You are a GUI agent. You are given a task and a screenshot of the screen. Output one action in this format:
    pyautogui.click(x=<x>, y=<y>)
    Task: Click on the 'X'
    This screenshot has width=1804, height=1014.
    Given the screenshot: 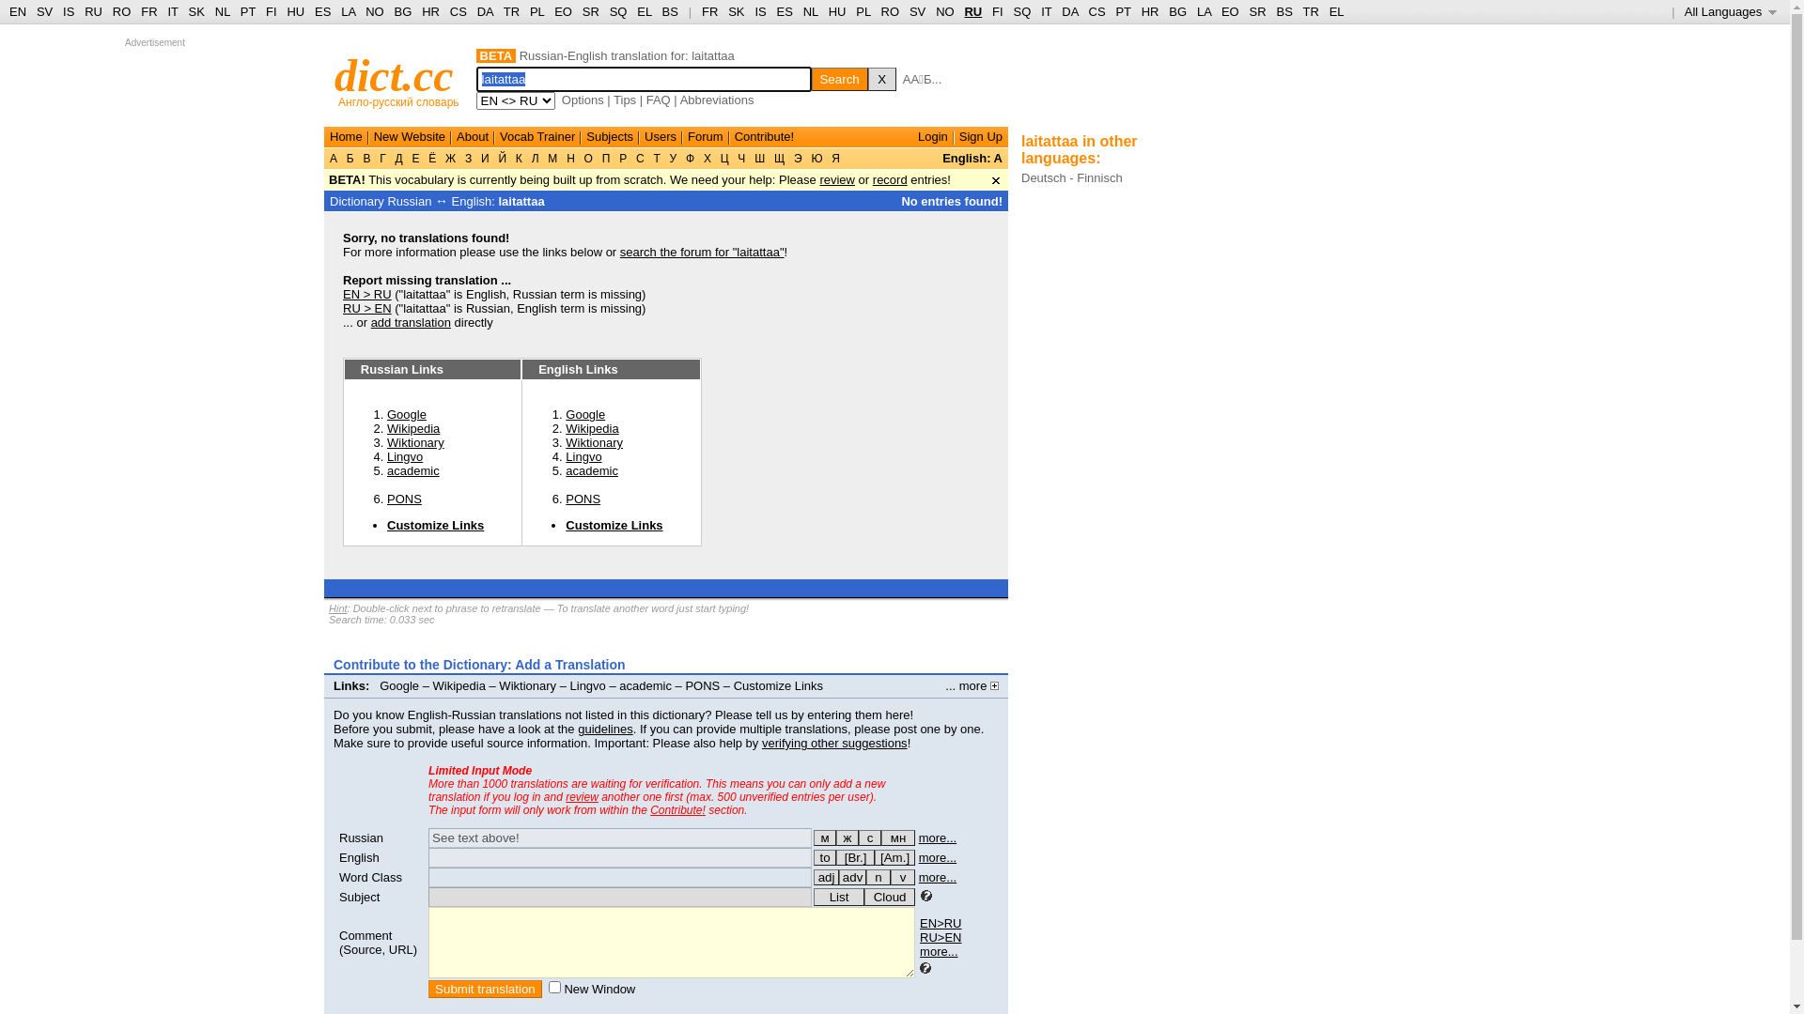 What is the action you would take?
    pyautogui.click(x=881, y=78)
    